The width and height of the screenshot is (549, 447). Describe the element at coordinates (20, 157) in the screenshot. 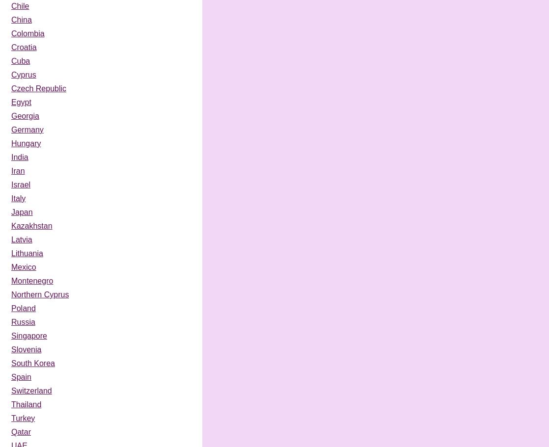

I see `'India'` at that location.